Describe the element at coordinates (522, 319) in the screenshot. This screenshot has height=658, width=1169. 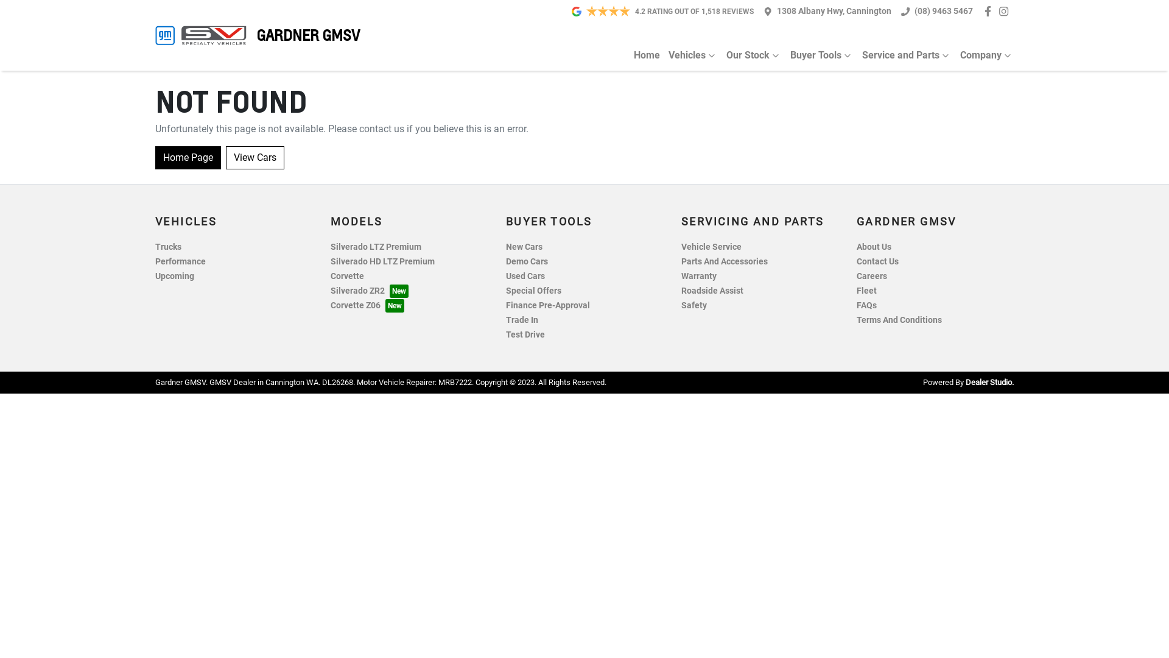
I see `'Trade In'` at that location.